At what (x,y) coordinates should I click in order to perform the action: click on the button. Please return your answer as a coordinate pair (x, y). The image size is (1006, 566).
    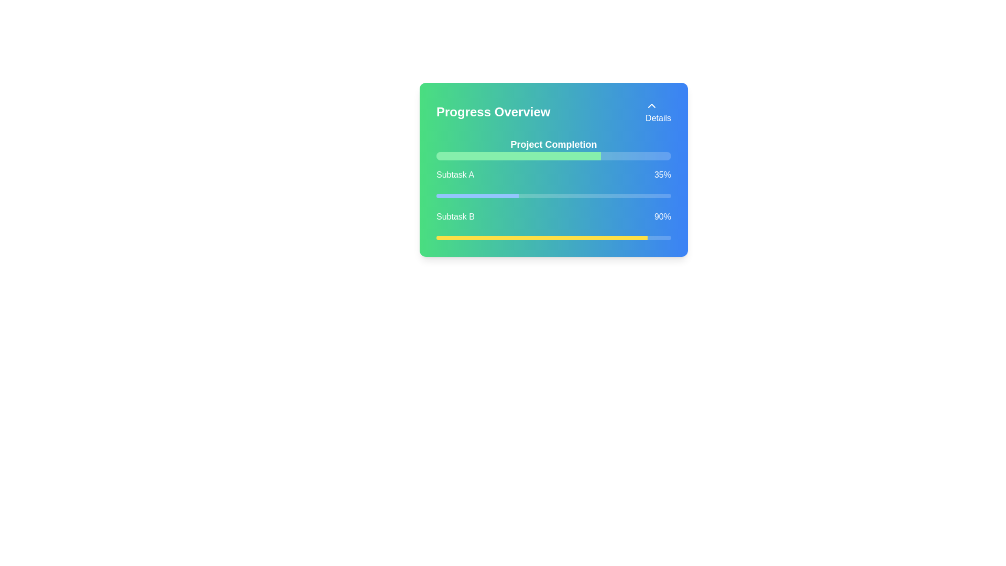
    Looking at the image, I should click on (658, 112).